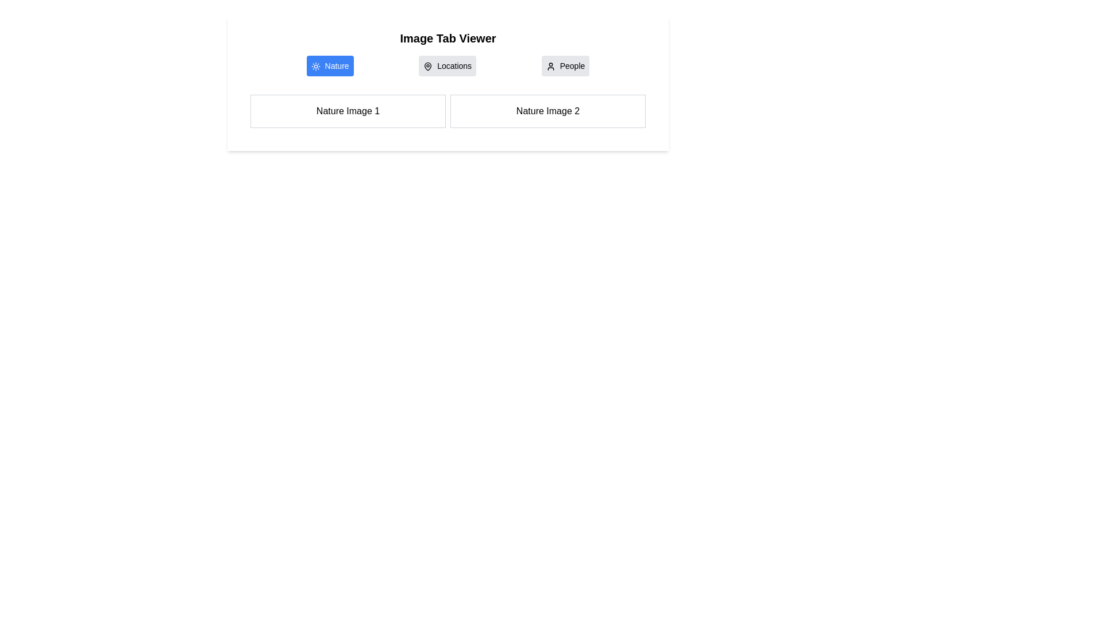 This screenshot has width=1103, height=620. I want to click on the 'Nature' button in the horizontal navigation bar, so click(329, 66).